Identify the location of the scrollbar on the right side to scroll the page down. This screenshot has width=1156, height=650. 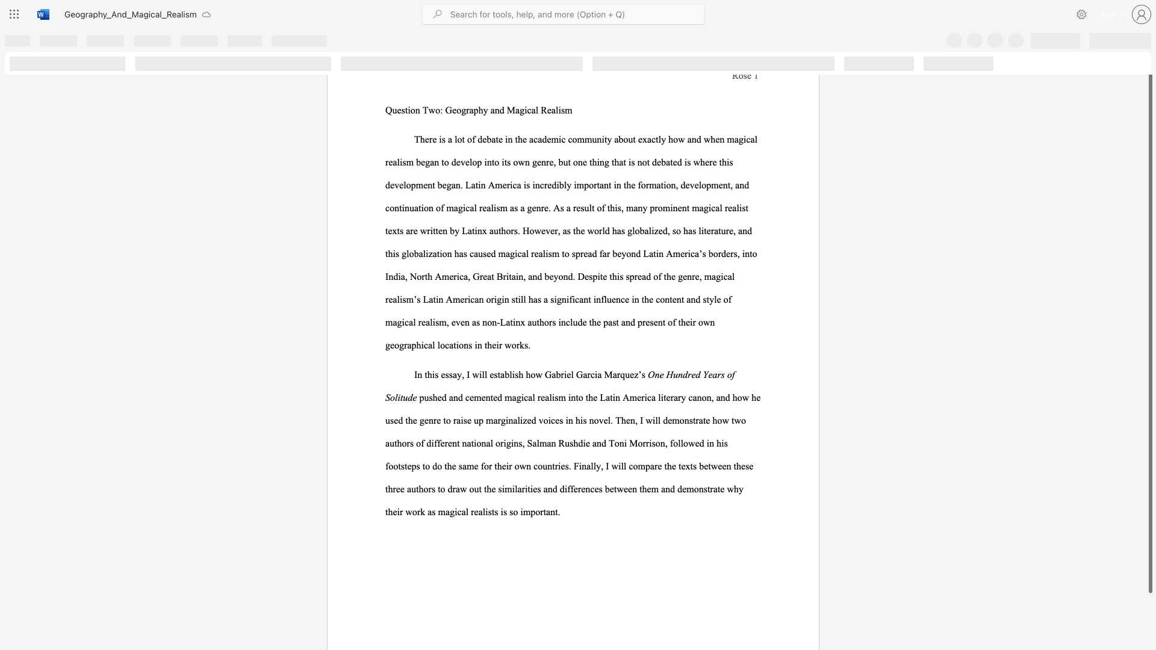
(1149, 619).